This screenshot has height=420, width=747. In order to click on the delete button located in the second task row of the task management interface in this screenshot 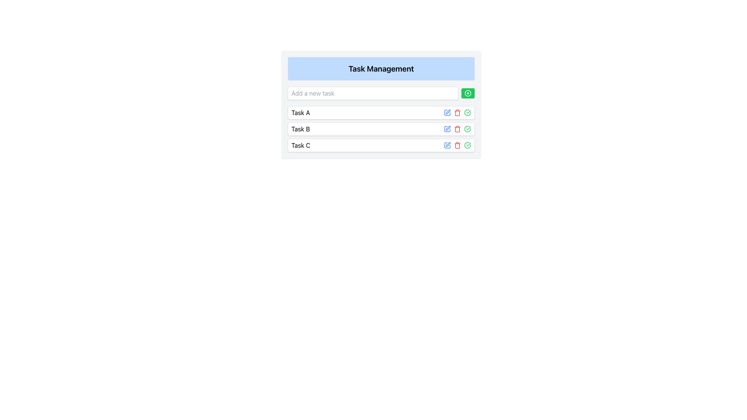, I will do `click(458, 128)`.